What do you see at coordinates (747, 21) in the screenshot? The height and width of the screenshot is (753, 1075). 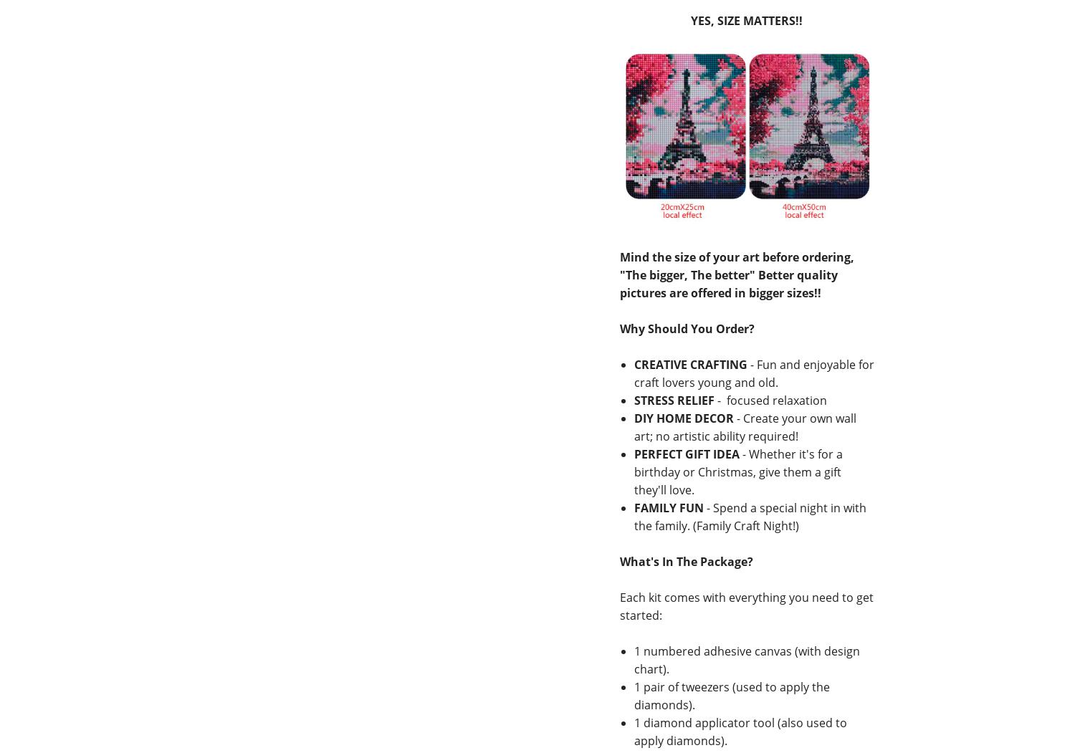 I see `'YES, SIZE MATTERS!!'` at bounding box center [747, 21].